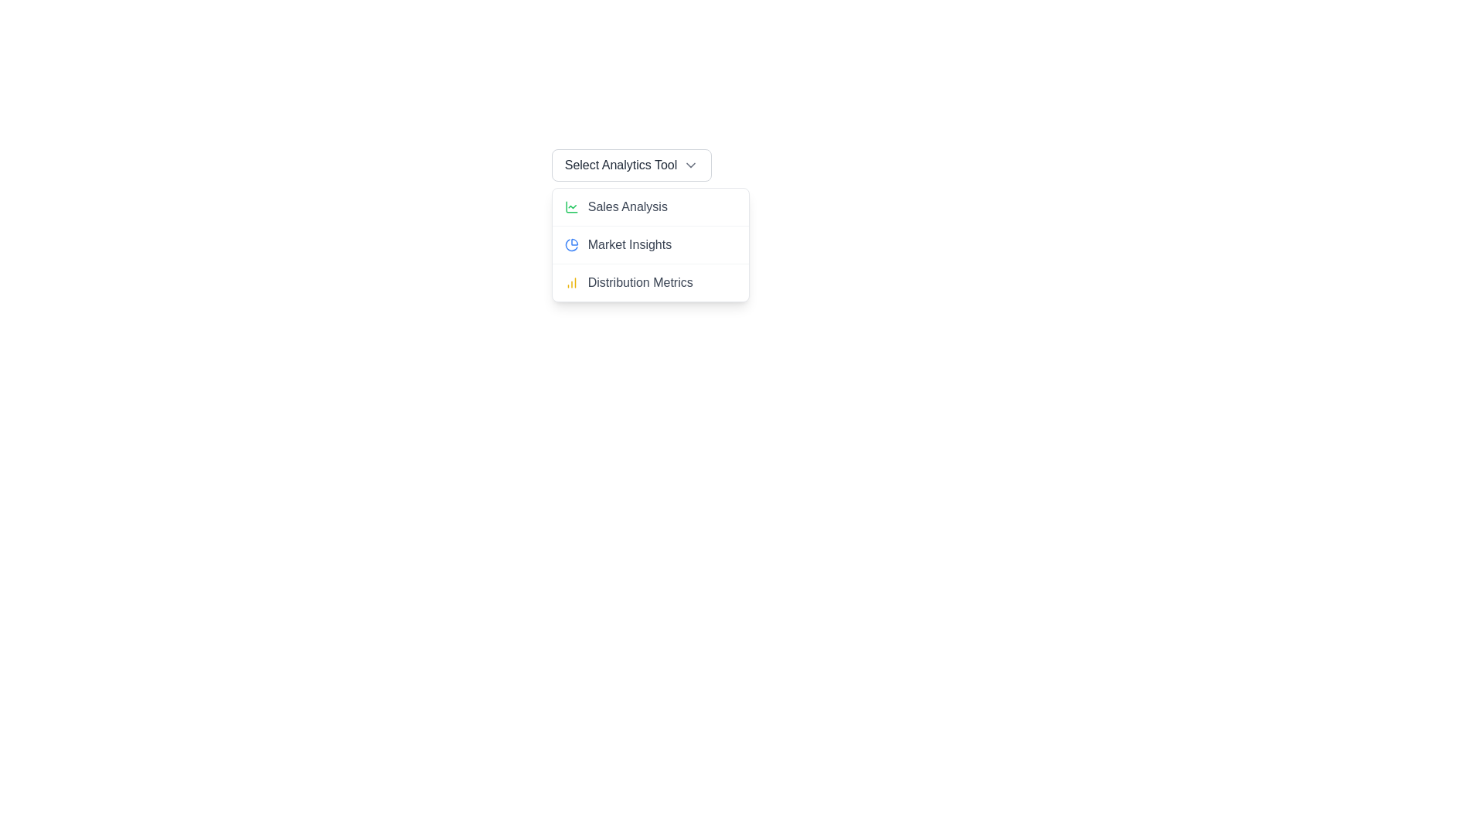 The image size is (1484, 835). Describe the element at coordinates (650, 206) in the screenshot. I see `the topmost list item labeled 'Sales Analysis', which is styled in gray and positioned directly below the menu header 'Select Analytics Tool'` at that location.